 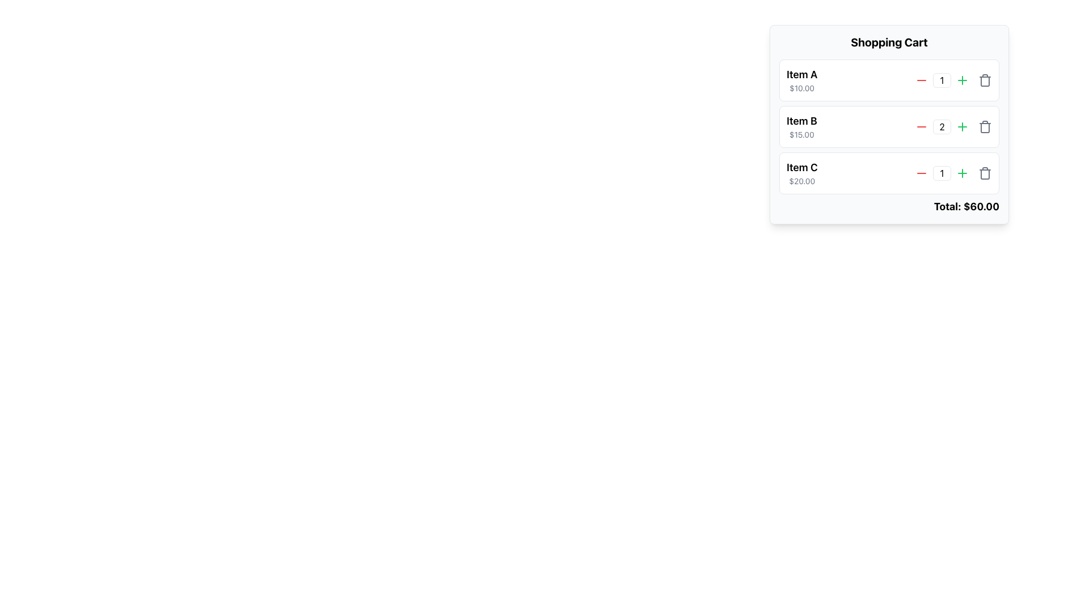 What do you see at coordinates (801, 74) in the screenshot?
I see `the text element displaying the name of the item 'Item A' in the shopping cart, located above the price '$10.00'` at bounding box center [801, 74].